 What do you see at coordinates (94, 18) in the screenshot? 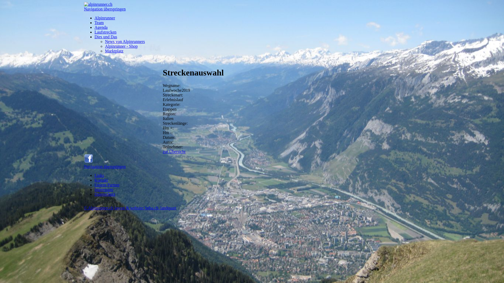
I see `'Alpinrunner'` at bounding box center [94, 18].